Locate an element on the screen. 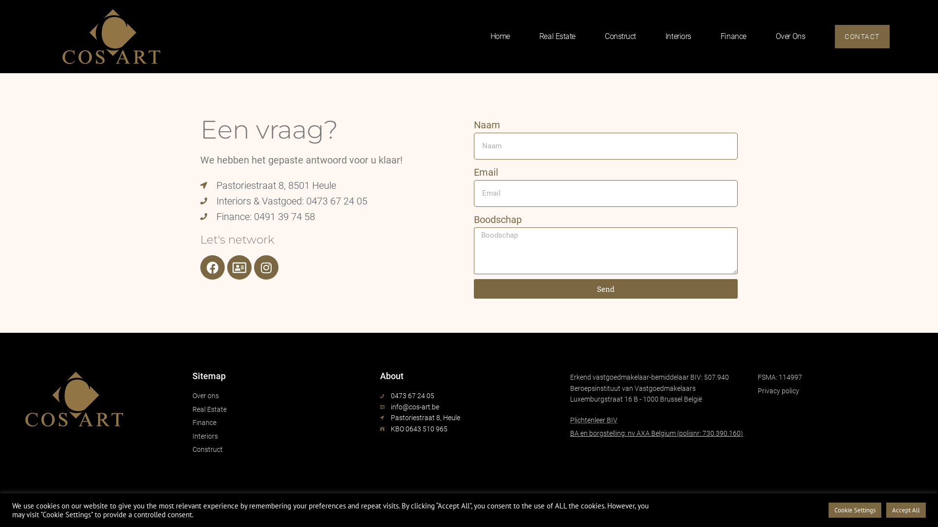 The width and height of the screenshot is (938, 527). 'Accept All' is located at coordinates (905, 509).